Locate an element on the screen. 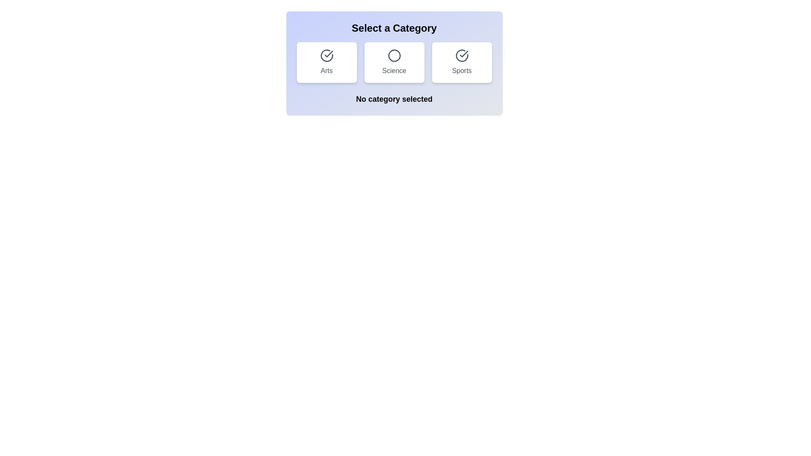  the 'Sports' category button, which is the third item in a grid layout of three columns, positioned to the right of the 'Science' and 'Arts' buttons is located at coordinates (461, 62).